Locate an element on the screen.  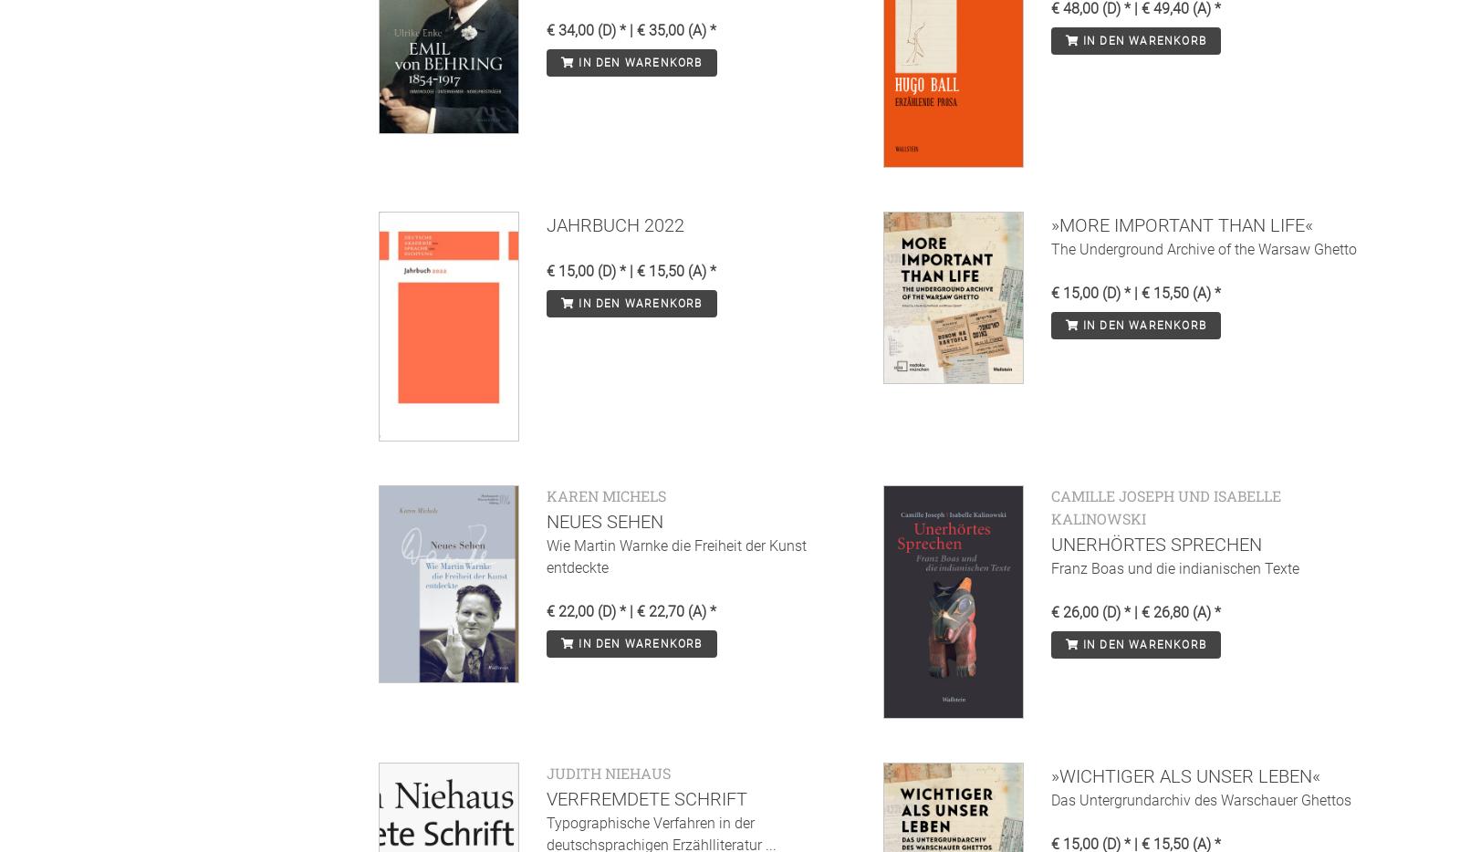
'€ 26,00 (D) * | € 26,80 (A) *' is located at coordinates (1134, 610).